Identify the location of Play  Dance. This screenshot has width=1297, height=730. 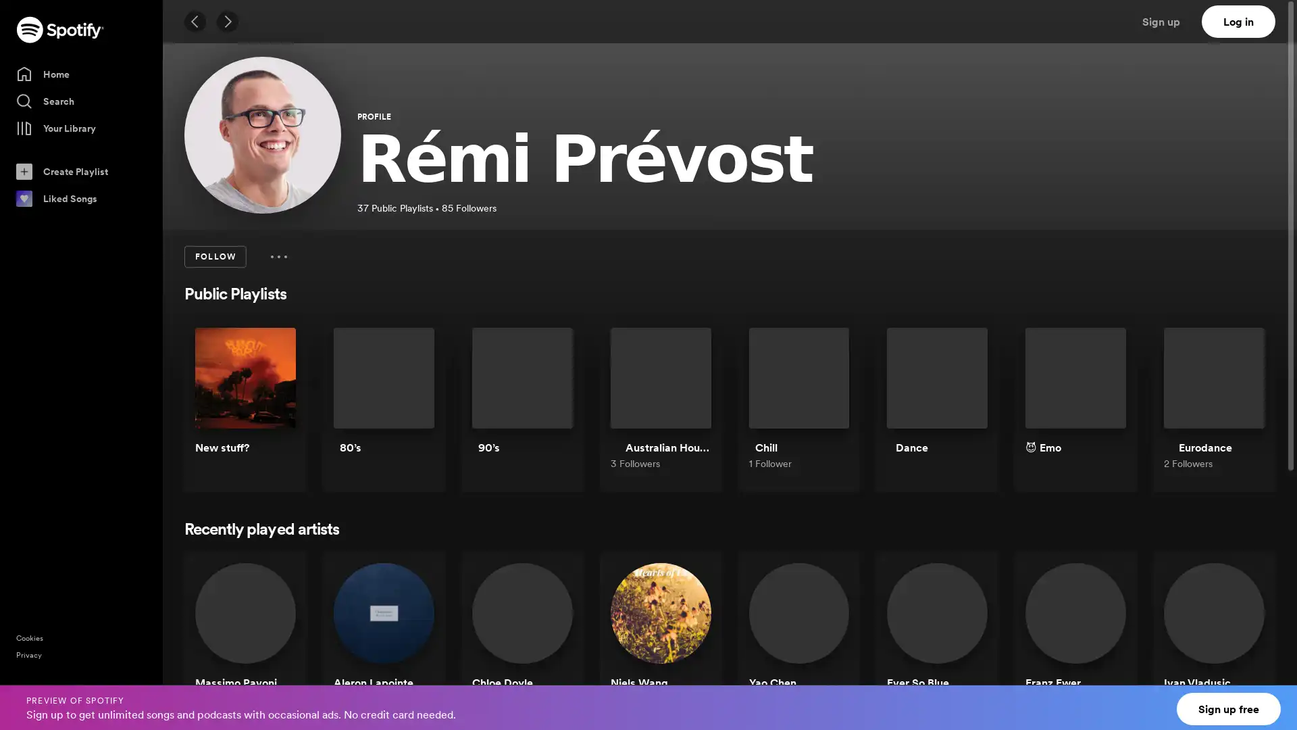
(965, 411).